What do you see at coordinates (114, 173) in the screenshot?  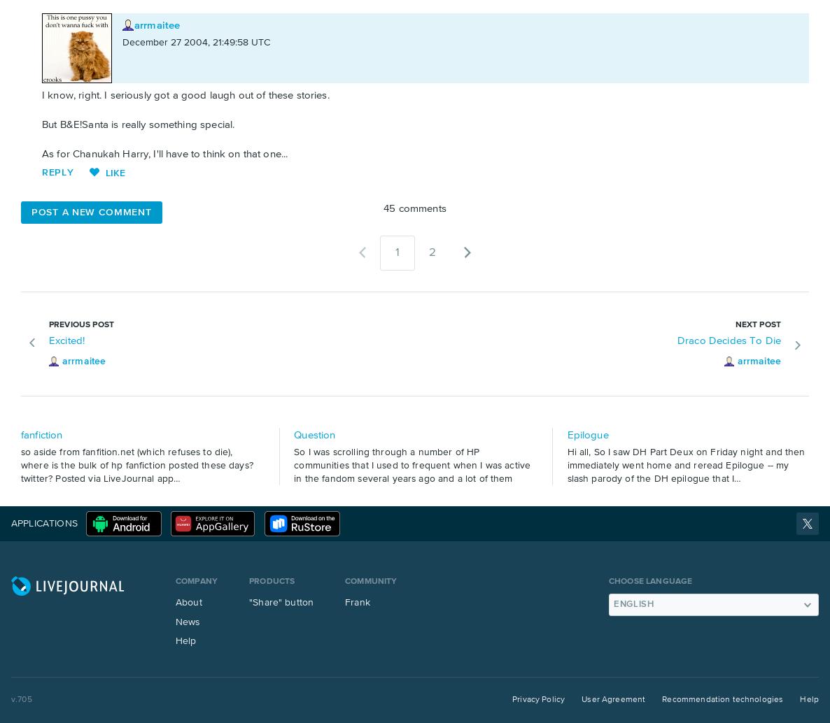 I see `'Like'` at bounding box center [114, 173].